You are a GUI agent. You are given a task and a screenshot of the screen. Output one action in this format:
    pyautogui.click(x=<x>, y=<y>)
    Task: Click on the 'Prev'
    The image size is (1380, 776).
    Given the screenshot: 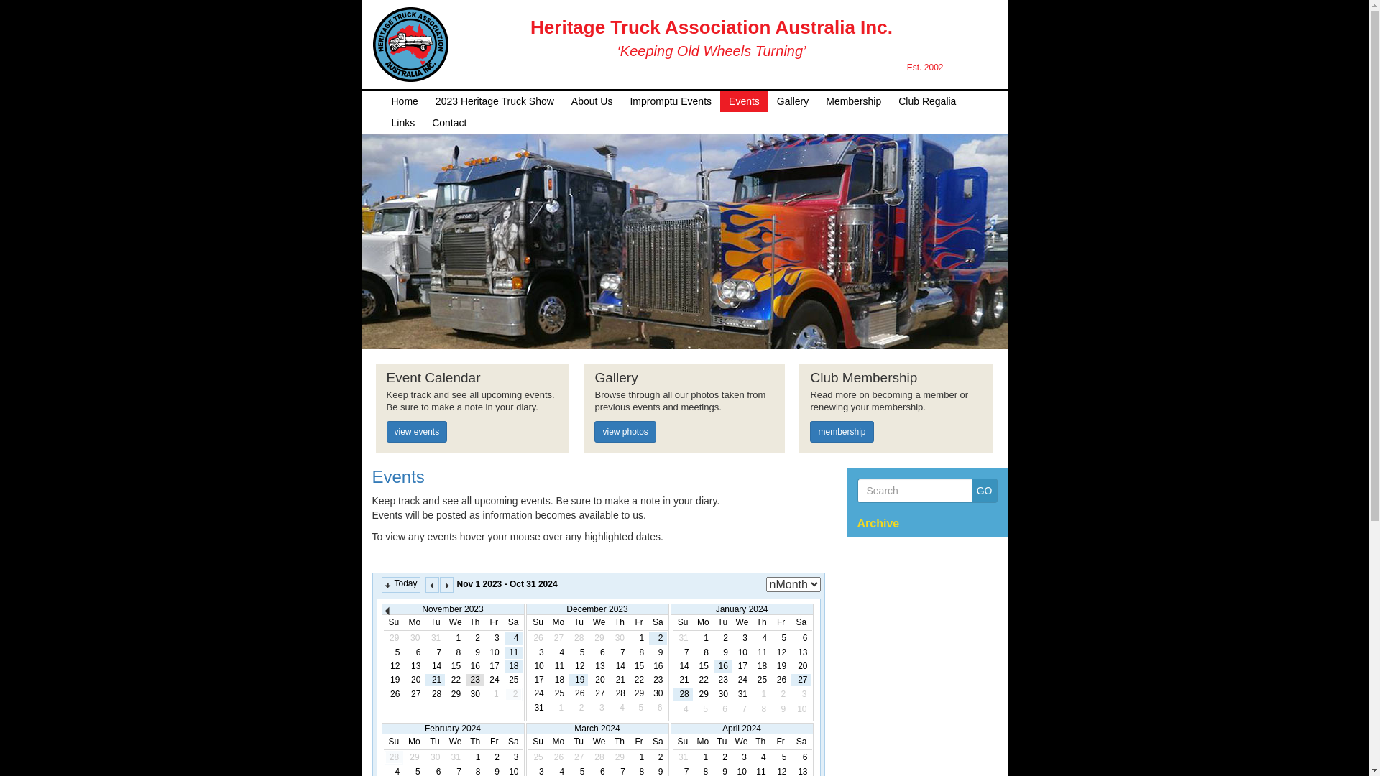 What is the action you would take?
    pyautogui.click(x=424, y=584)
    